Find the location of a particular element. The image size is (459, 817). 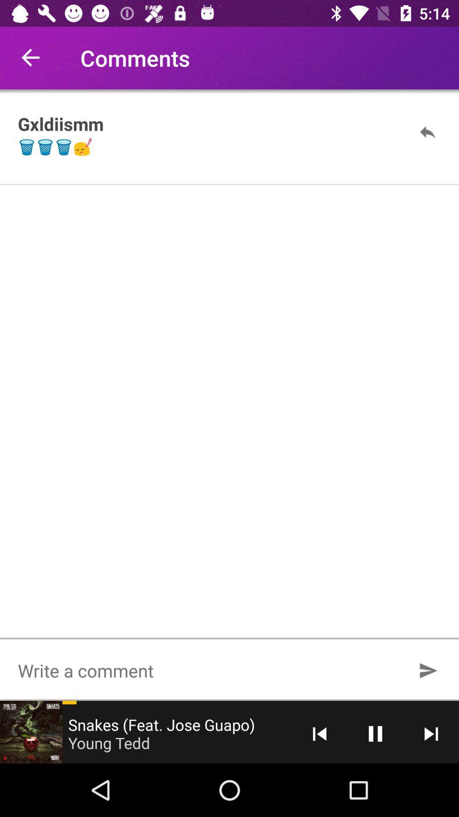

app next to comments icon is located at coordinates (31, 57).